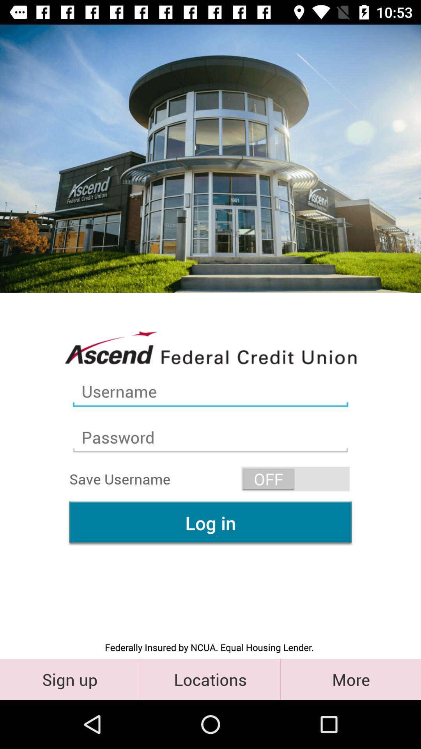 This screenshot has height=749, width=421. Describe the element at coordinates (210, 437) in the screenshot. I see `second text field` at that location.